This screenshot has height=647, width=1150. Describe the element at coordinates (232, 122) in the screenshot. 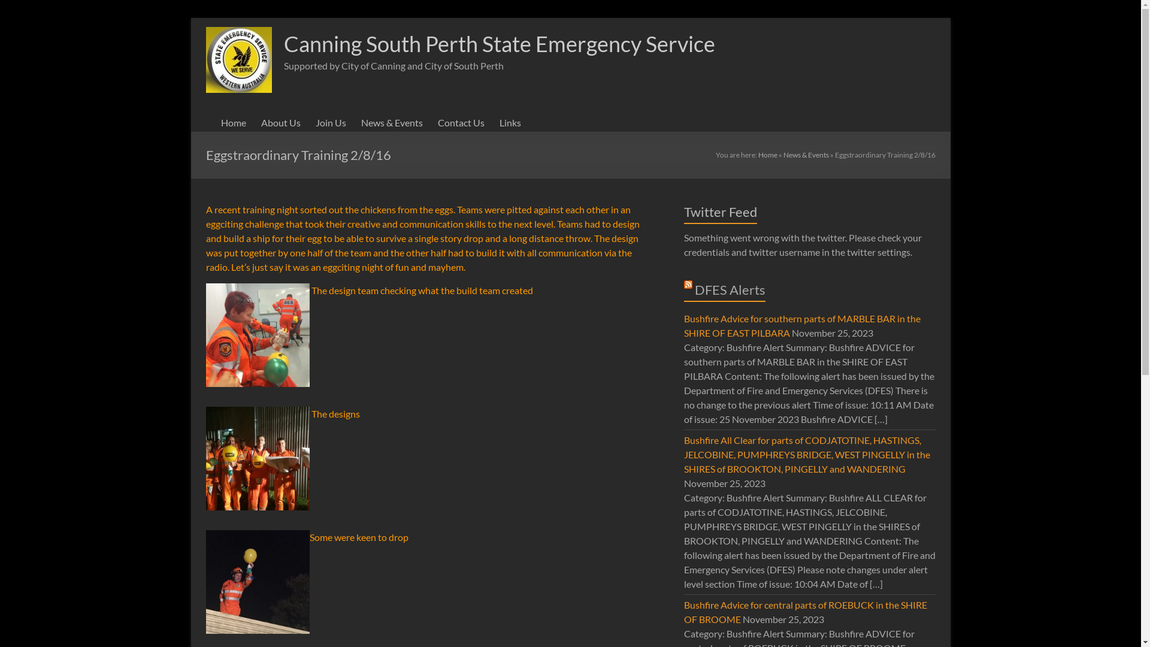

I see `'Home'` at that location.